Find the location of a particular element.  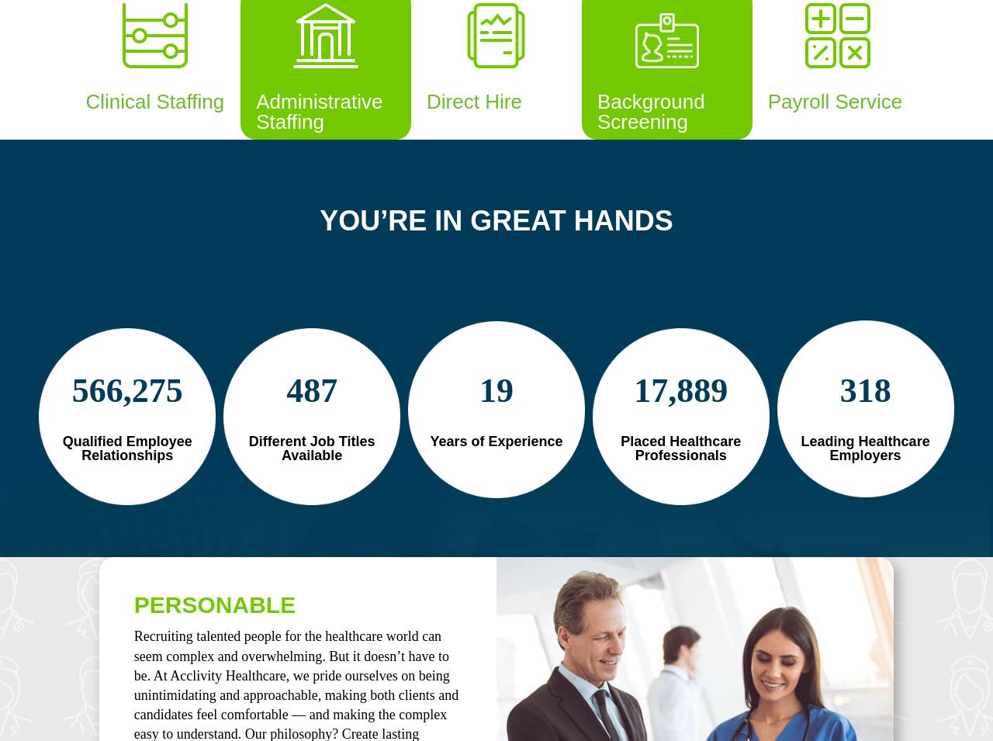

'Background Screening' is located at coordinates (650, 109).